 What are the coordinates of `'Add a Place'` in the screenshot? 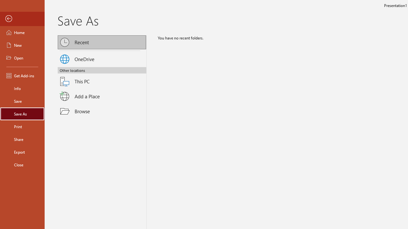 It's located at (102, 96).